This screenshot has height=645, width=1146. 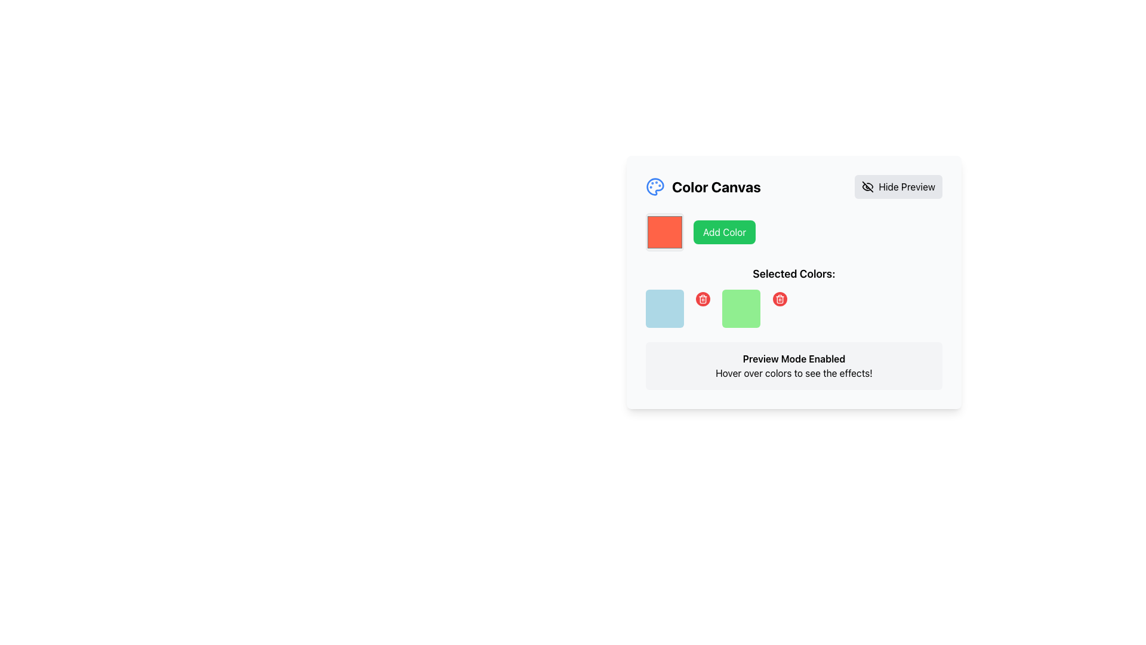 I want to click on the decorative color palette icon located near the top-left of the 'Color Canvas' panel, which serves as its branding logo, so click(x=655, y=186).